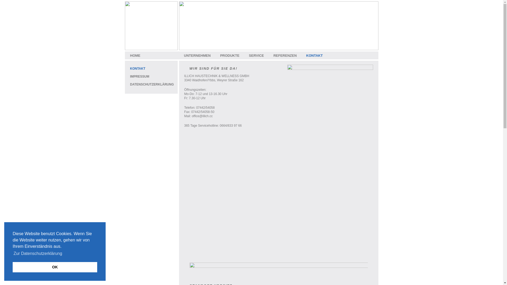 This screenshot has width=507, height=285. What do you see at coordinates (230, 55) in the screenshot?
I see `'PRODUKTE'` at bounding box center [230, 55].